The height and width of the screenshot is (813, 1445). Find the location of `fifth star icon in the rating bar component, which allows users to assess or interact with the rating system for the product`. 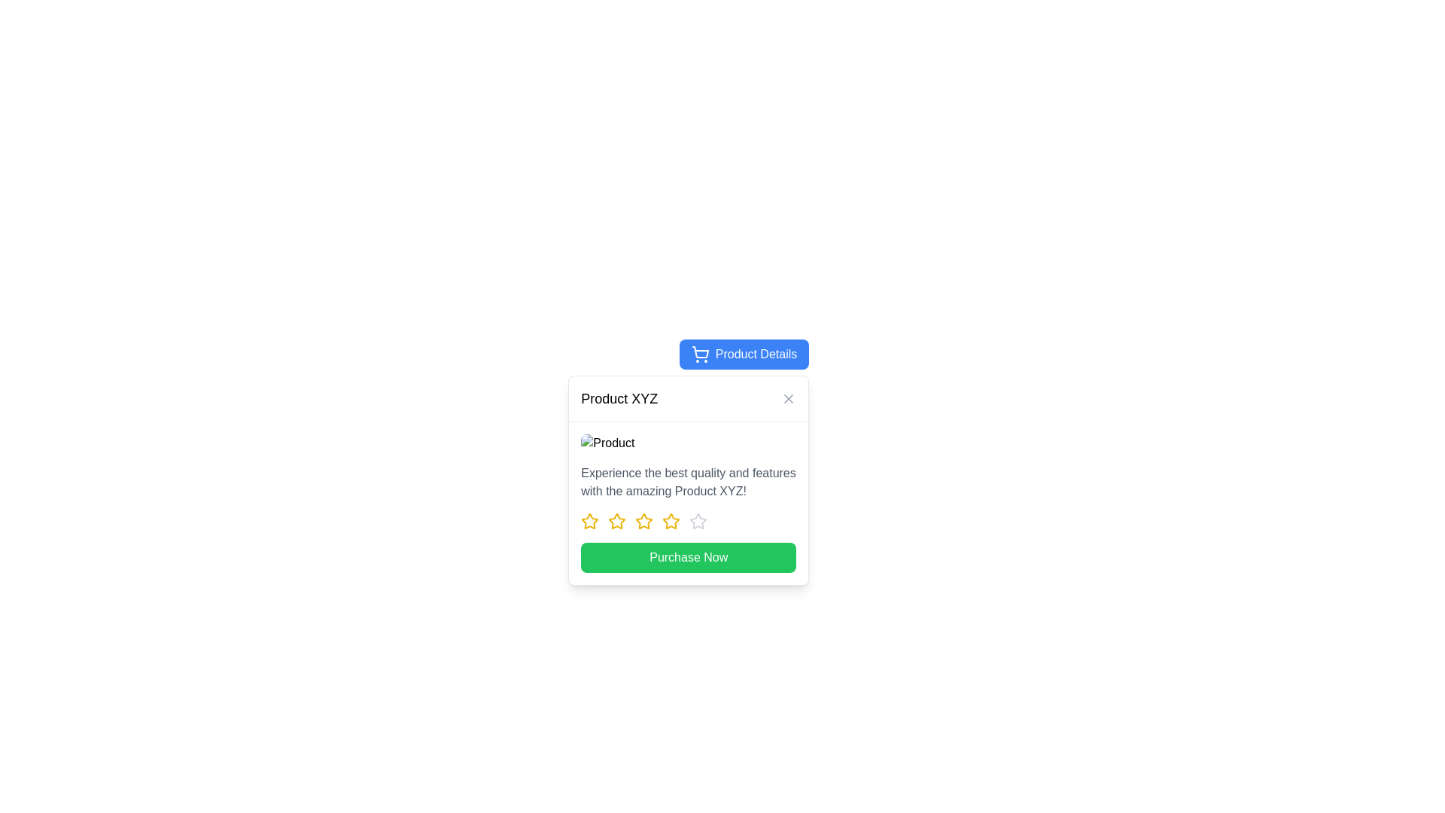

fifth star icon in the rating bar component, which allows users to assess or interact with the rating system for the product is located at coordinates (671, 521).